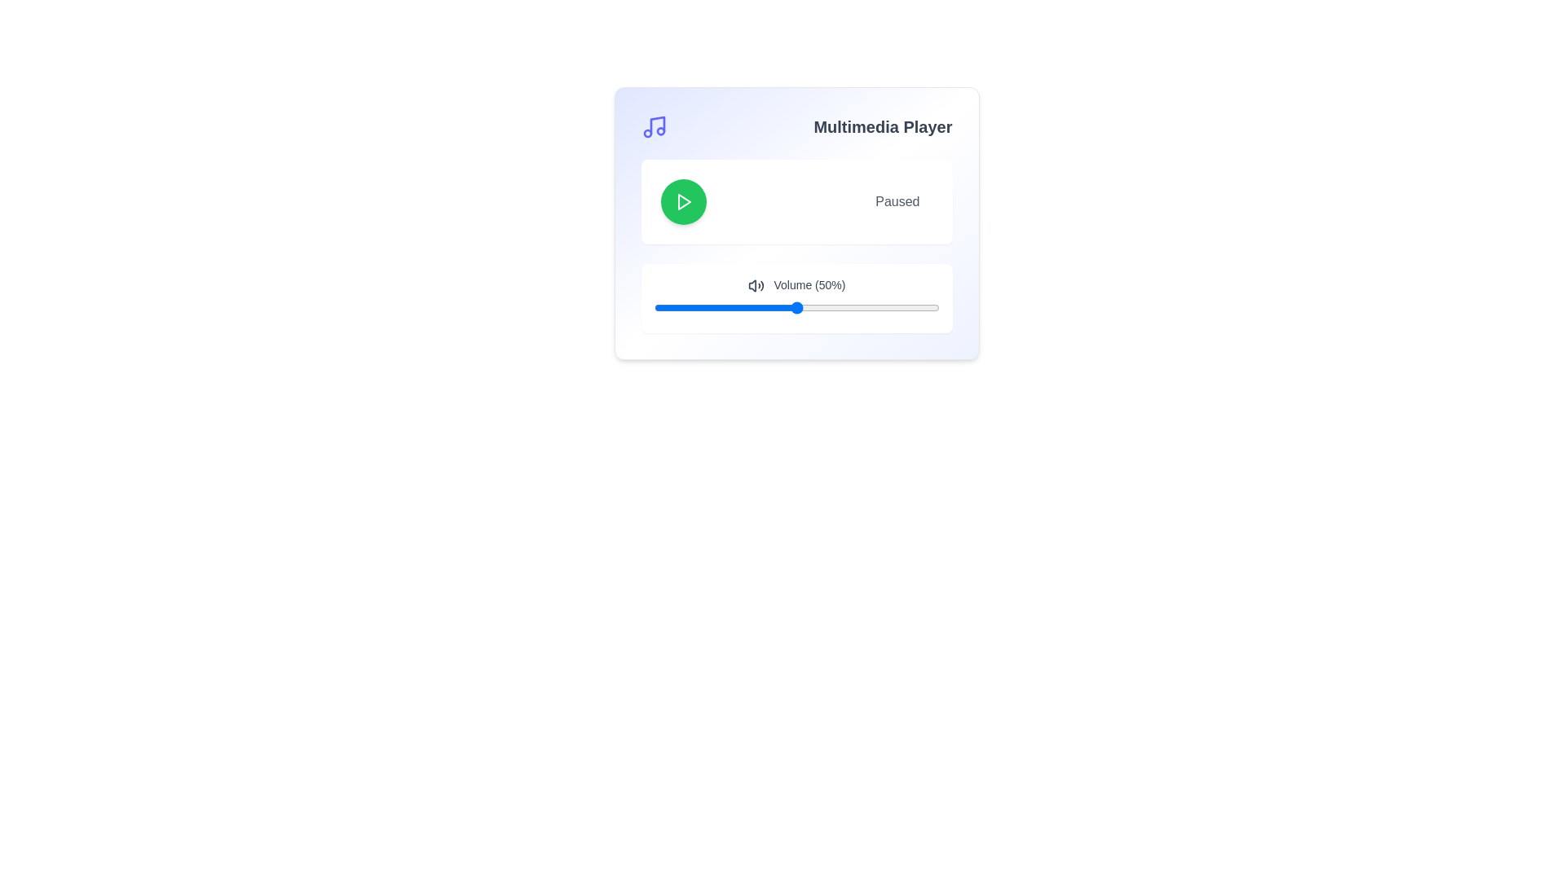  I want to click on volume, so click(799, 308).